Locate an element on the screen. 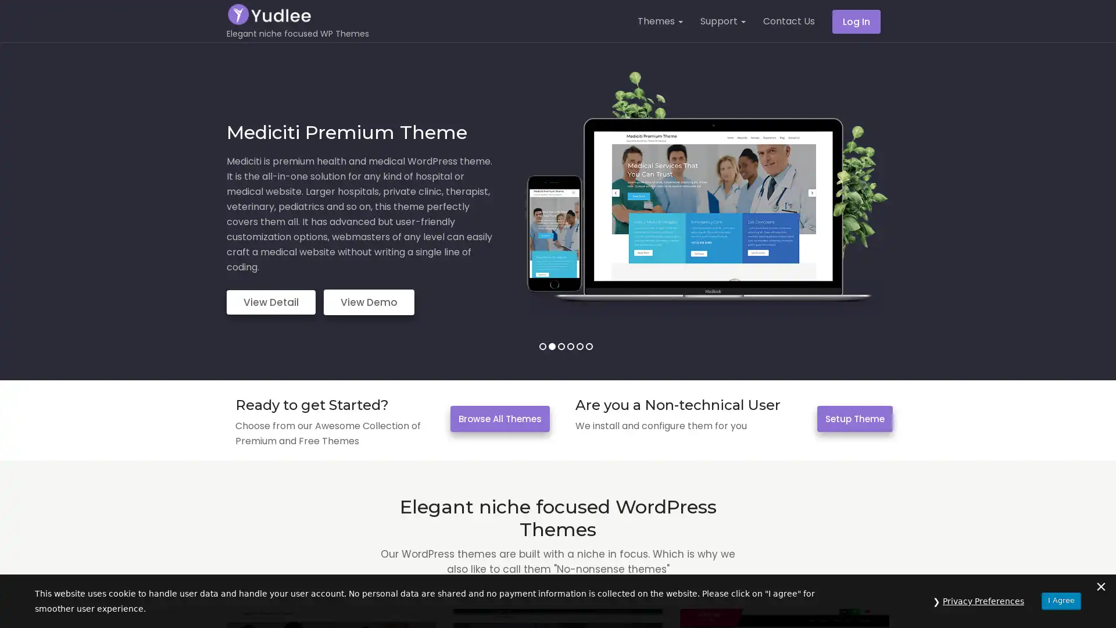 The height and width of the screenshot is (628, 1116). I Agree is located at coordinates (1061, 600).